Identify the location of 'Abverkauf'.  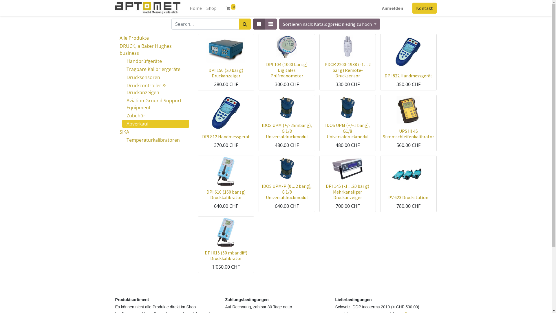
(156, 123).